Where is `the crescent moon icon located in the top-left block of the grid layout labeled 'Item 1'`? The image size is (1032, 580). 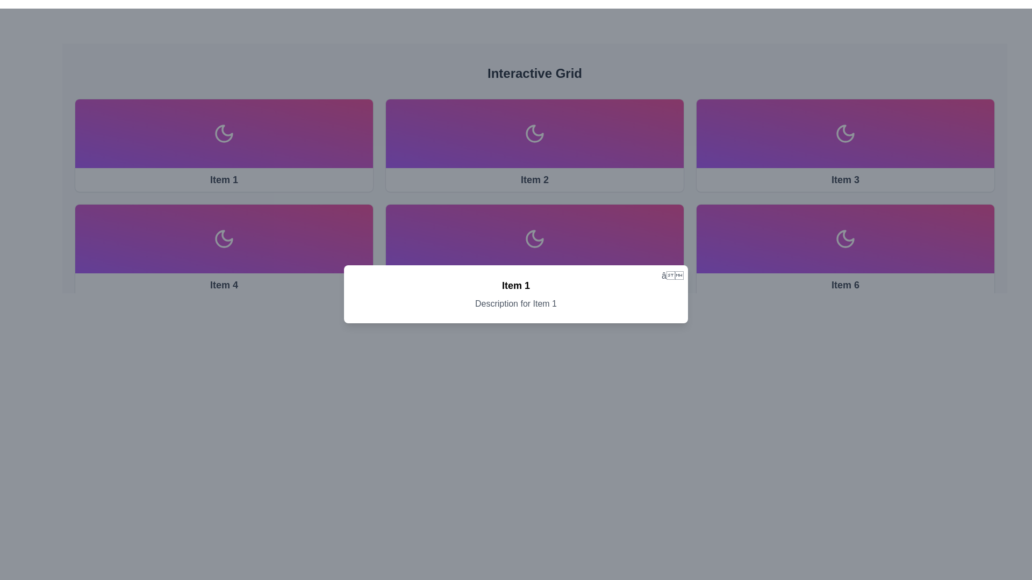
the crescent moon icon located in the top-left block of the grid layout labeled 'Item 1' is located at coordinates (224, 133).